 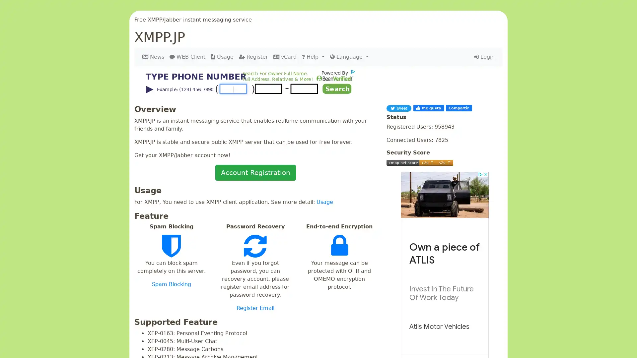 What do you see at coordinates (255, 172) in the screenshot?
I see `Account Registration` at bounding box center [255, 172].